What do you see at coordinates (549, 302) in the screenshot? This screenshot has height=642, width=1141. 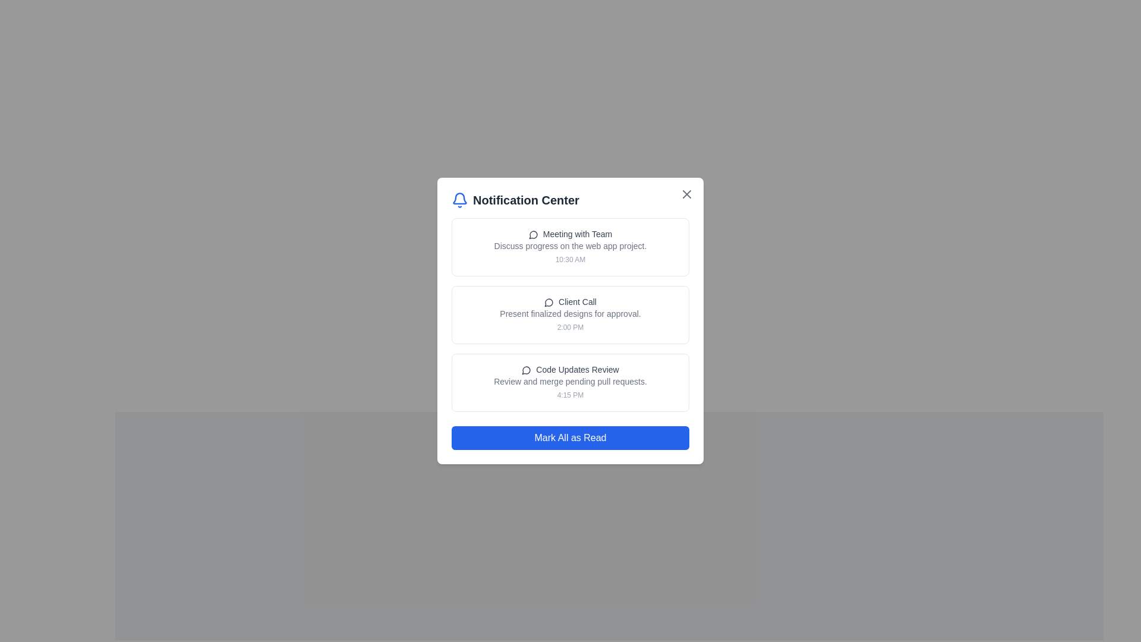 I see `the circular speech bubble icon located to the left of the 'Client Call' text within the 'Notification Center' to understand the type of notification it represents` at bounding box center [549, 302].